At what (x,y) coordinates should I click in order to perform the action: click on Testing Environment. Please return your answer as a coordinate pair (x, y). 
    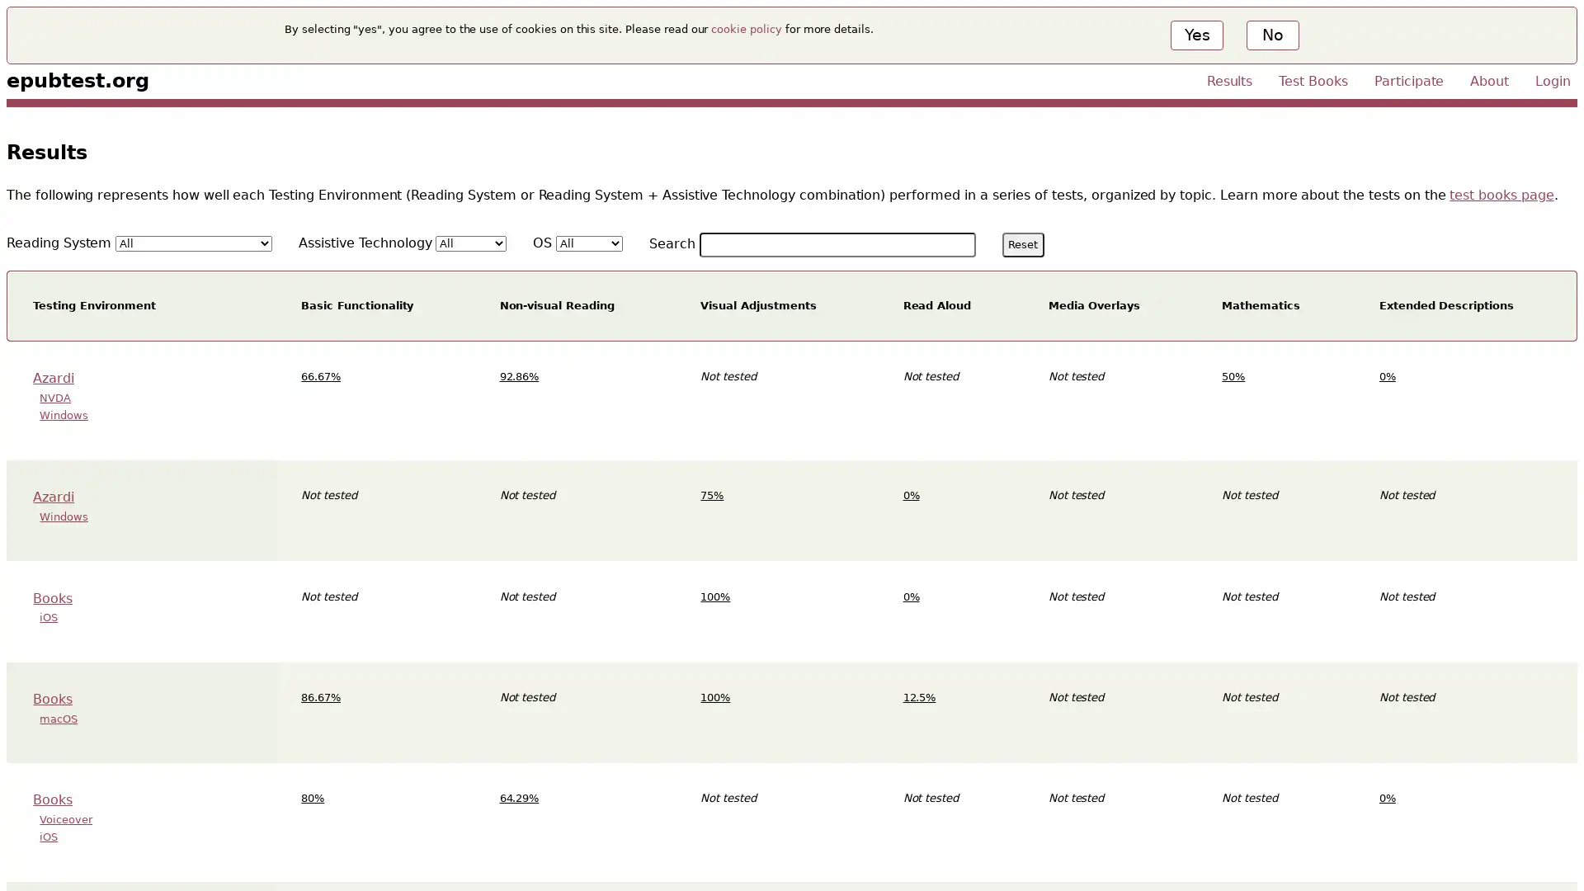
    Looking at the image, I should click on (93, 305).